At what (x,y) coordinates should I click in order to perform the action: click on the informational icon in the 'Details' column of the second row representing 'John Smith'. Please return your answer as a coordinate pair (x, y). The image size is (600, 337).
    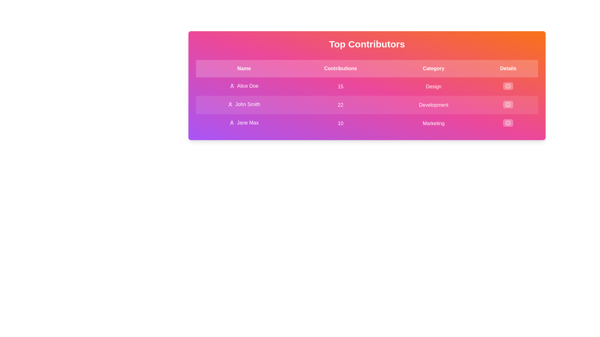
    Looking at the image, I should click on (508, 104).